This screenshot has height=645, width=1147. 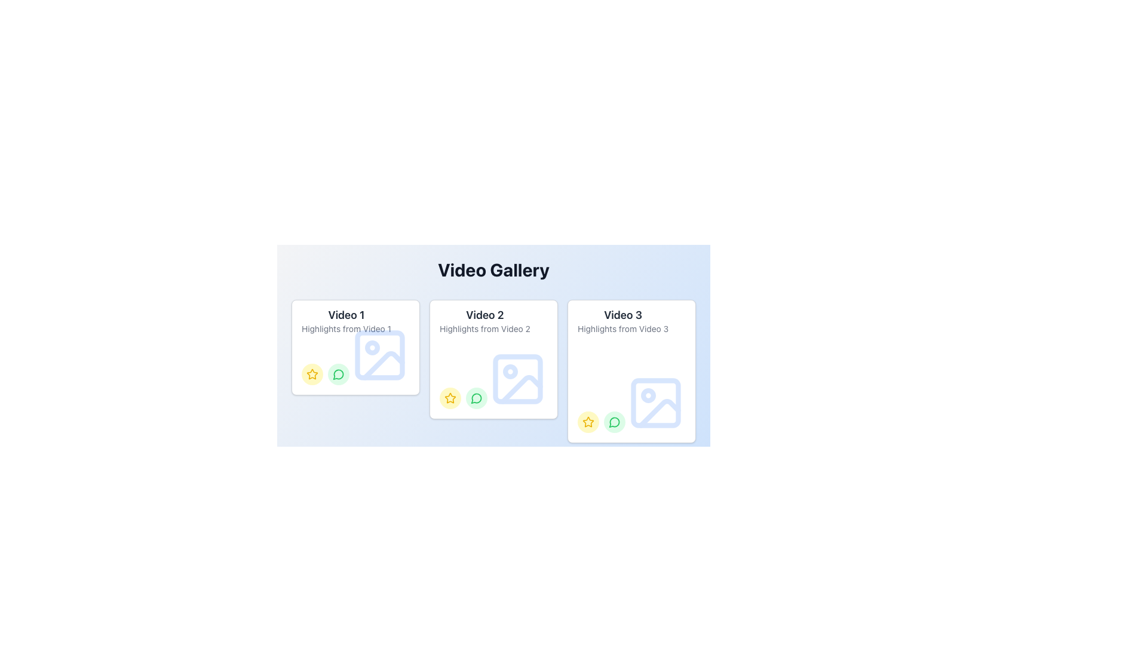 What do you see at coordinates (379, 354) in the screenshot?
I see `the decorative graphical element in the lower-right corner of the 'Video 1' box in the video gallery interface, which is a small rounded rectangle with no visible content` at bounding box center [379, 354].